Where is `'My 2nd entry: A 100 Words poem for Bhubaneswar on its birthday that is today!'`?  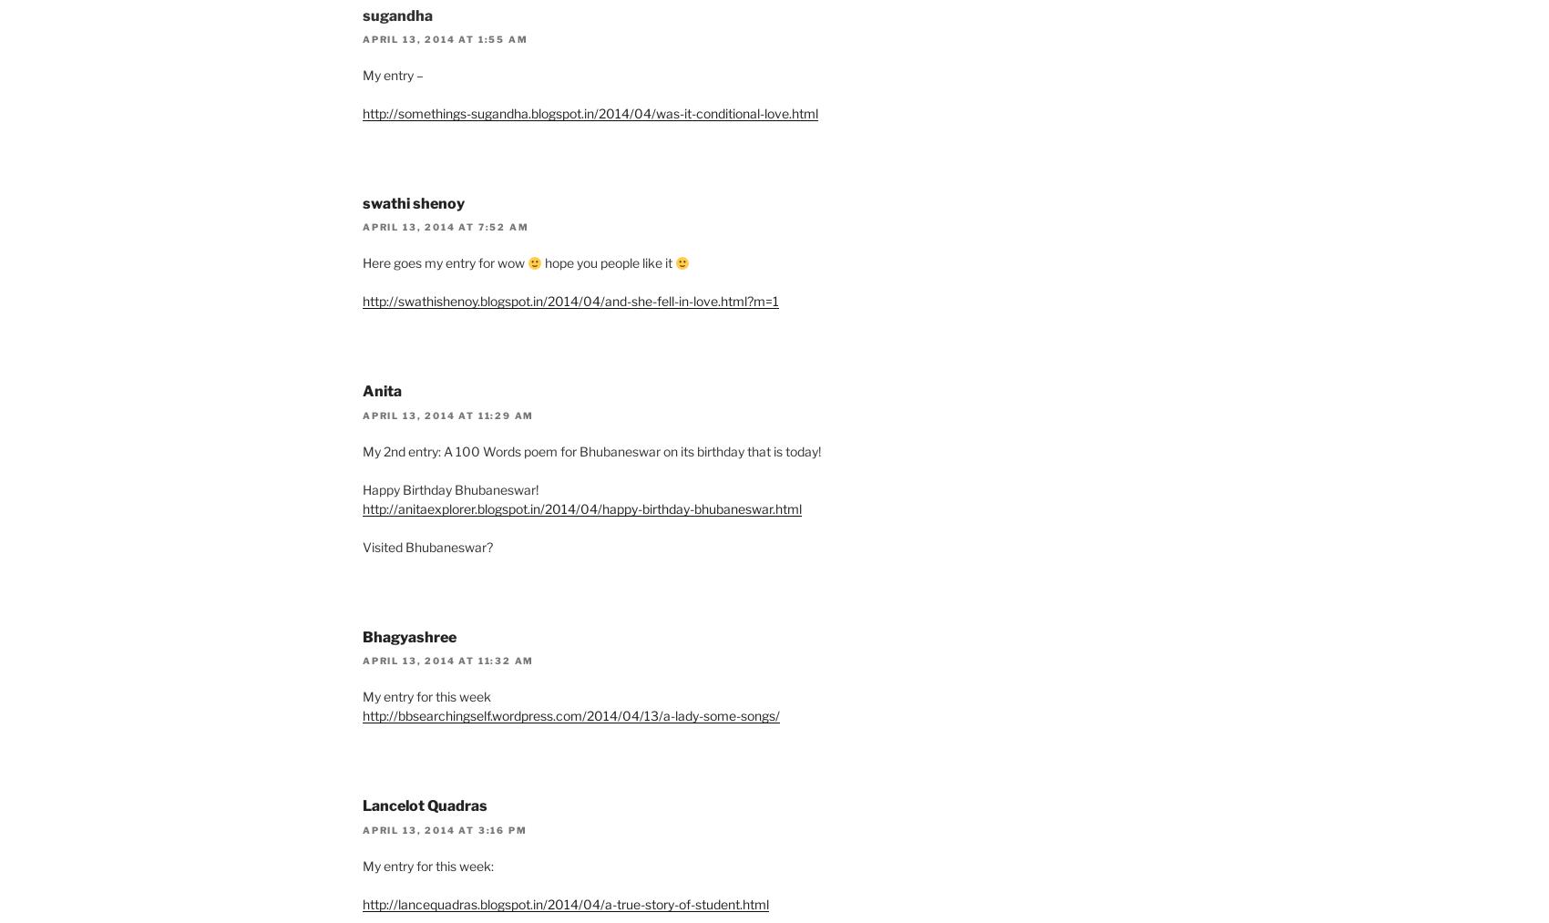
'My 2nd entry: A 100 Words poem for Bhubaneswar on its birthday that is today!' is located at coordinates (591, 449).